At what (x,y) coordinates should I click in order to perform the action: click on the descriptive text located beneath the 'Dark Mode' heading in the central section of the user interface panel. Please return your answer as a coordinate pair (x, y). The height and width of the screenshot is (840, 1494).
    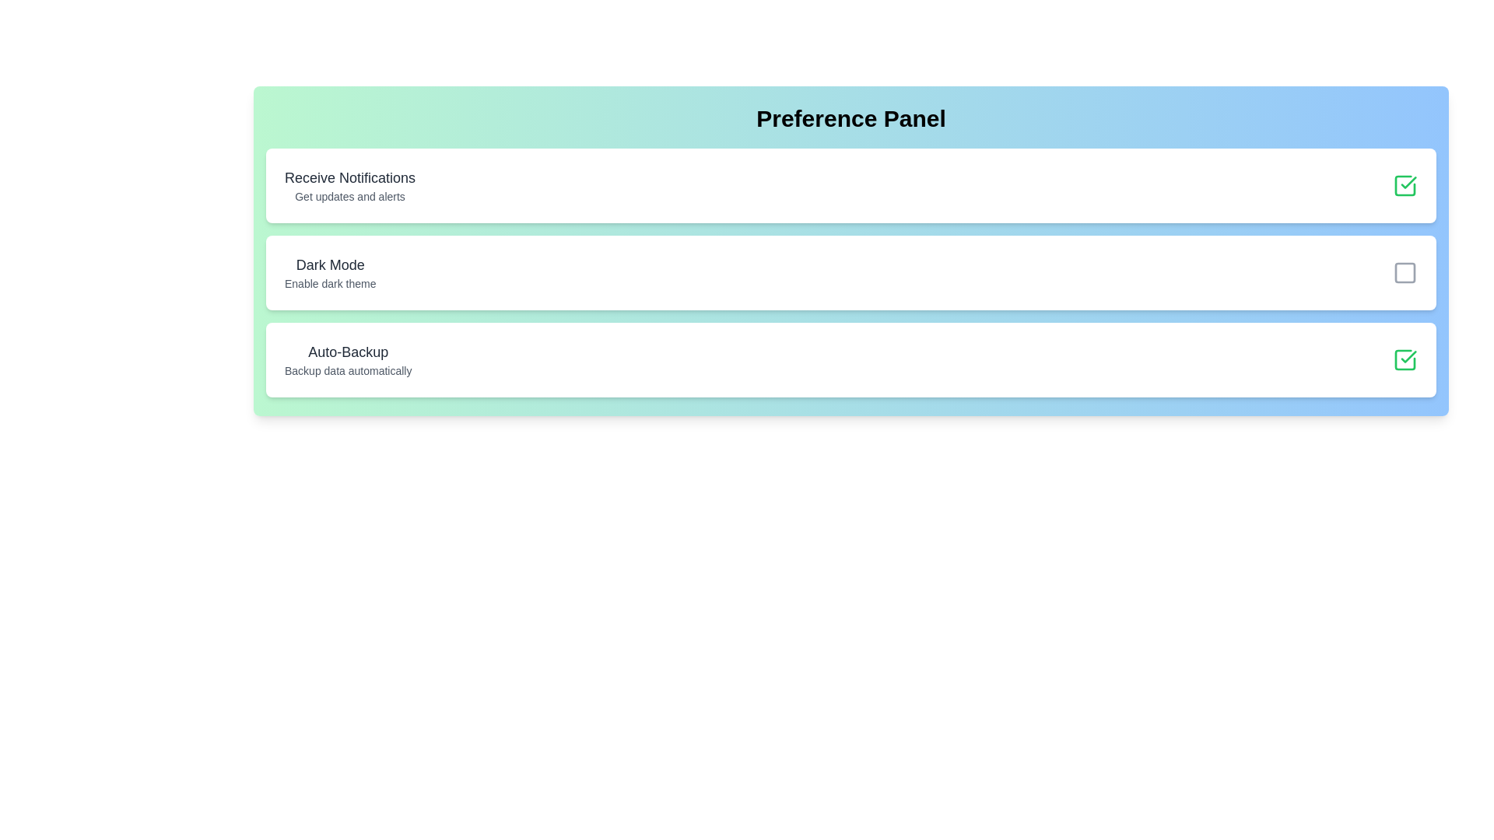
    Looking at the image, I should click on (329, 284).